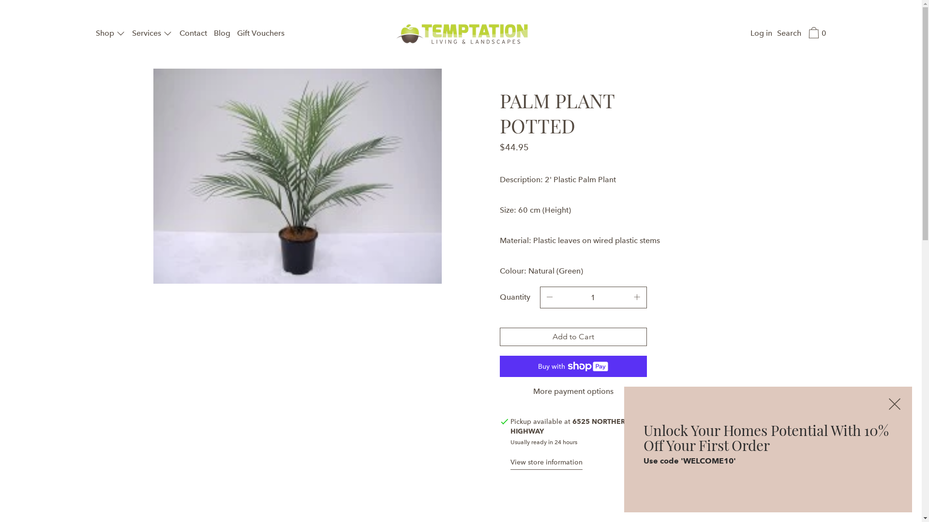  I want to click on 'Contact', so click(193, 33).